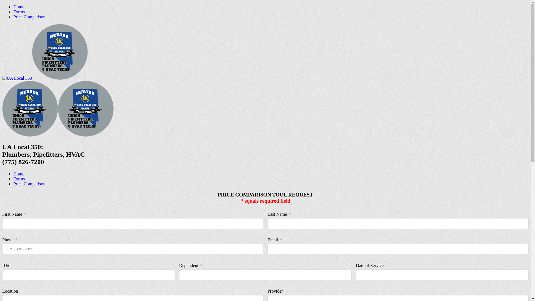 The height and width of the screenshot is (301, 535). I want to click on 'Forms', so click(19, 12).